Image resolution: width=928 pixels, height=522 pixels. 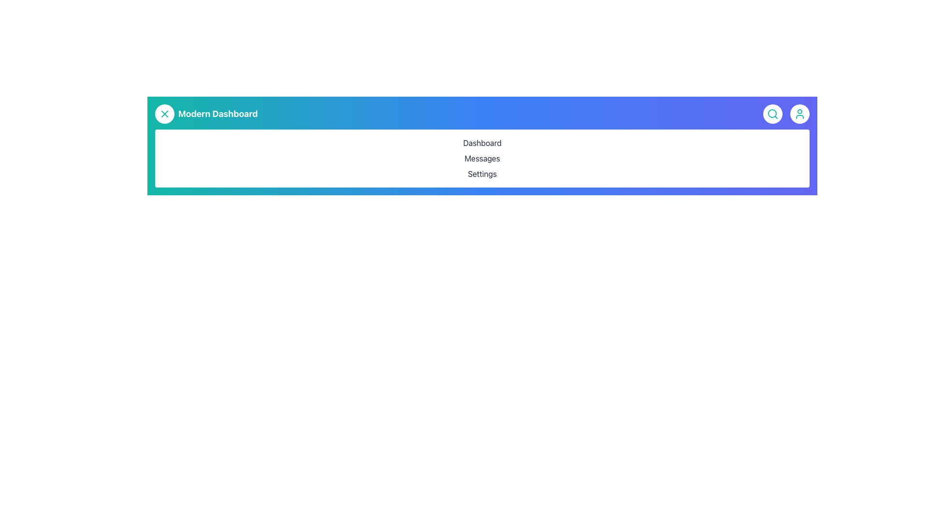 I want to click on the teal user icon button located at the far right of the header section, so click(x=800, y=113).